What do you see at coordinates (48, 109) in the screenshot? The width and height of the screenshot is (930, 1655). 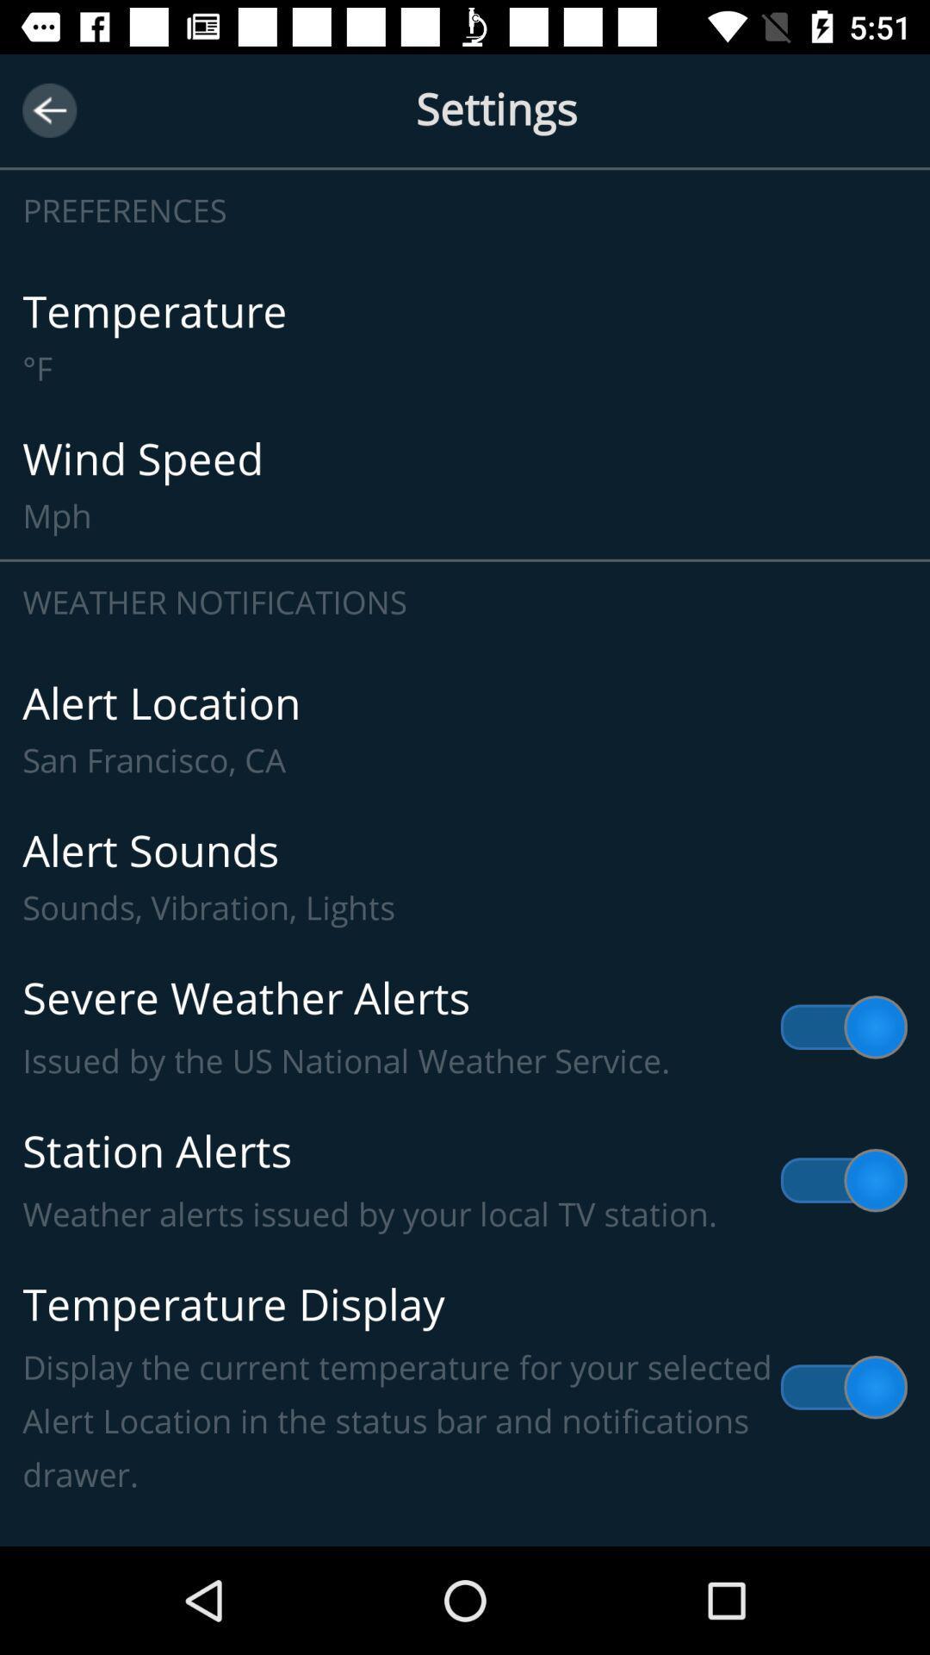 I see `the arrow_backward icon` at bounding box center [48, 109].